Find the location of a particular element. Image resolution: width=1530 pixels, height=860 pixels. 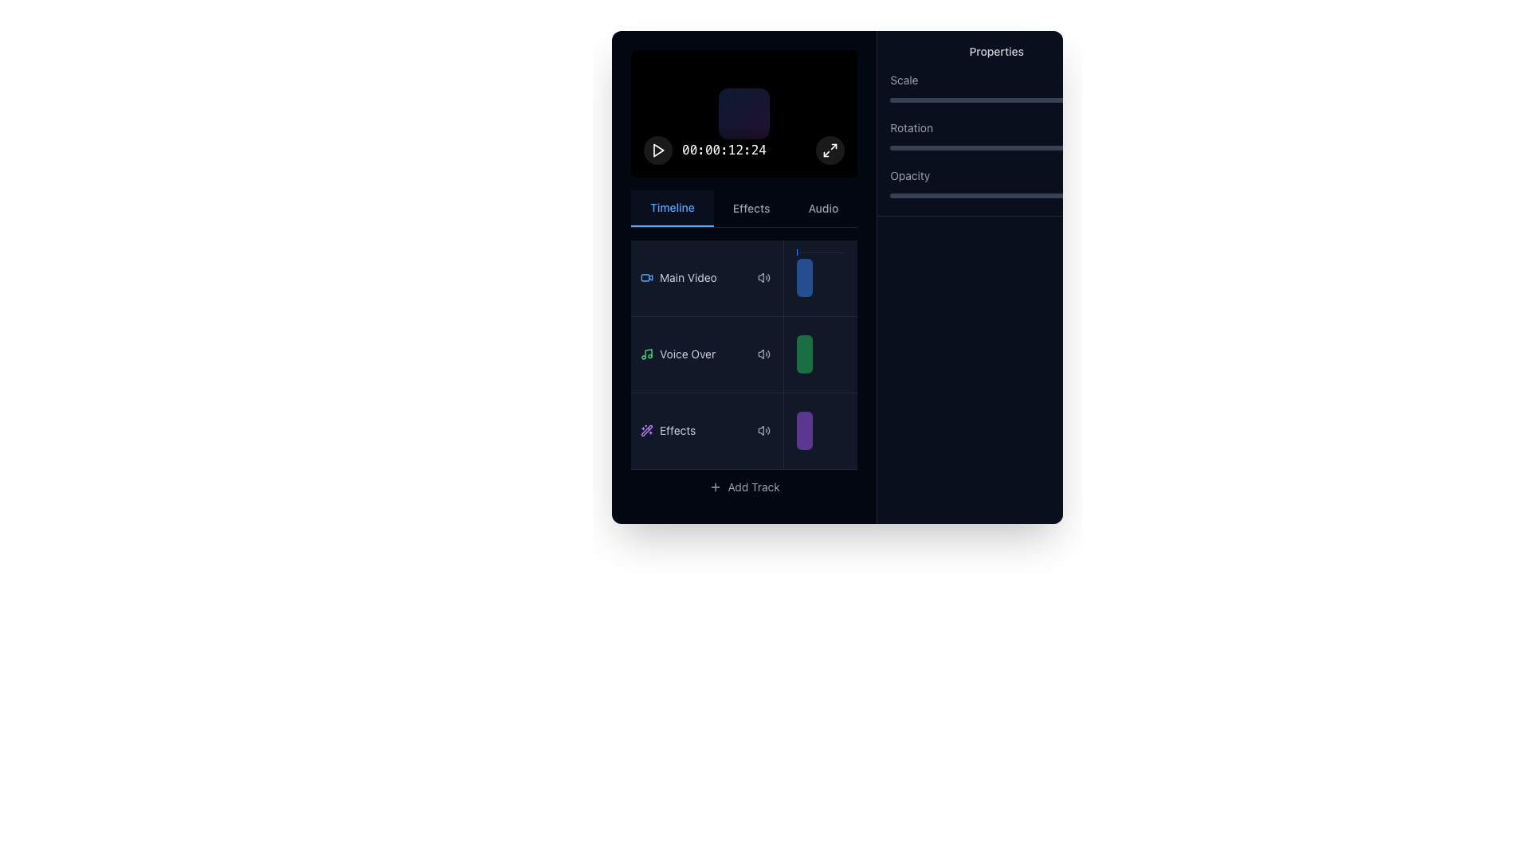

text label displaying 'Voice Over', which is styled with a small font size and light gray color, located in the timeline panel under the 'Main Video' track listing is located at coordinates (688, 354).